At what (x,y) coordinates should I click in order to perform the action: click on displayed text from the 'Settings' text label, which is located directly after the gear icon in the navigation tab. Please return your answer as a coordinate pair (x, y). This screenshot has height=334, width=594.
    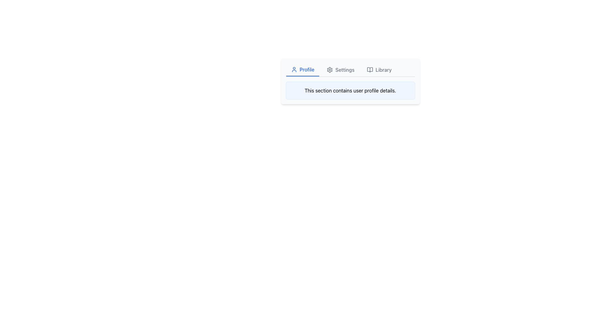
    Looking at the image, I should click on (345, 70).